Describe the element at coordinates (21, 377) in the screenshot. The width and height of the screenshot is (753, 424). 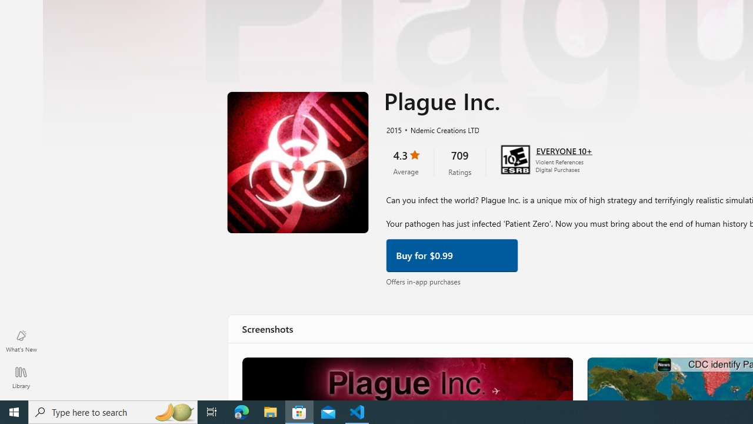
I see `'Library'` at that location.